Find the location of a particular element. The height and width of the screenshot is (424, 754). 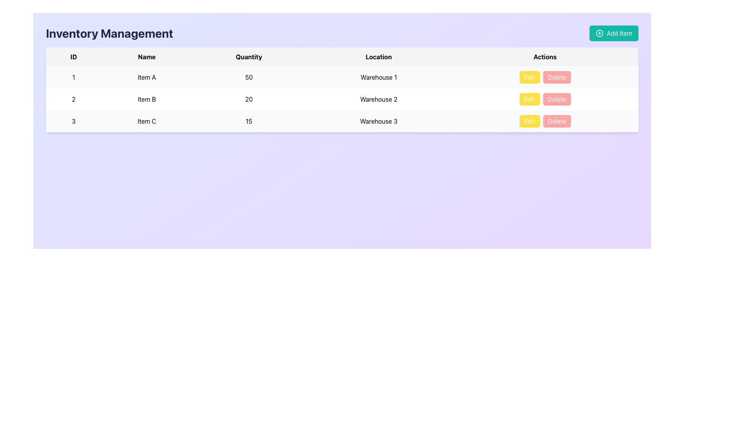

the numerical indicator in the third column of the third row of the table, which represents a quantity and is located between 'Item C' and 'Warehouse 3' is located at coordinates (248, 121).